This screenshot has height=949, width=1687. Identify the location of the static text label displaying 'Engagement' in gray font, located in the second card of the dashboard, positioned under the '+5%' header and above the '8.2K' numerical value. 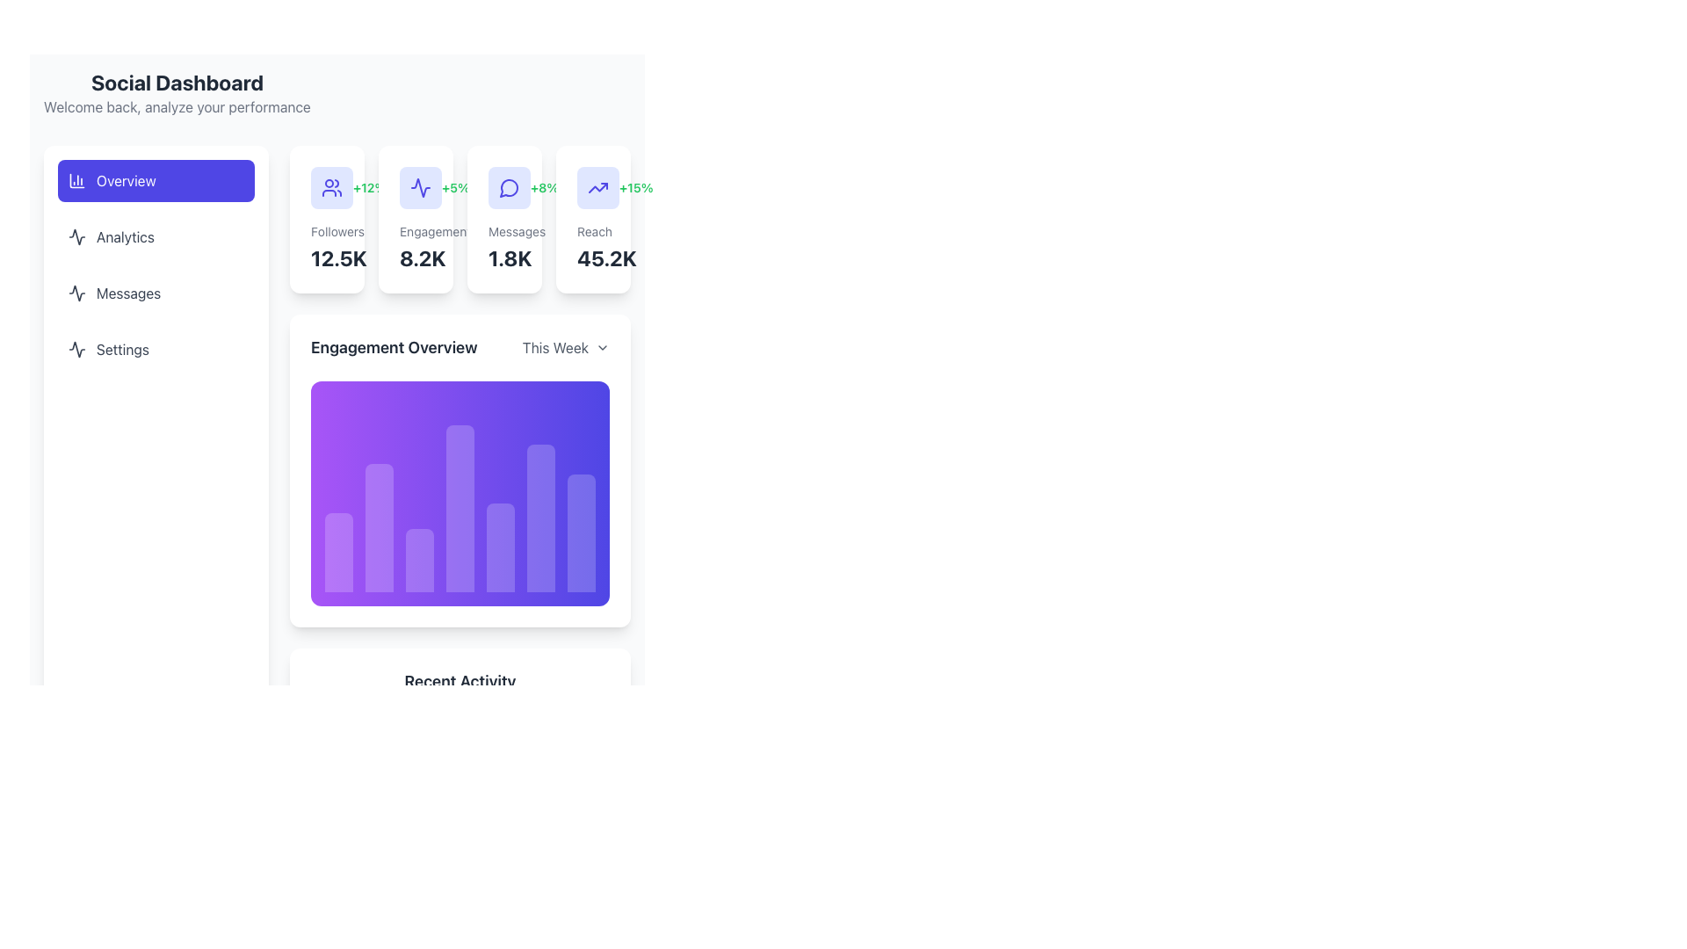
(415, 230).